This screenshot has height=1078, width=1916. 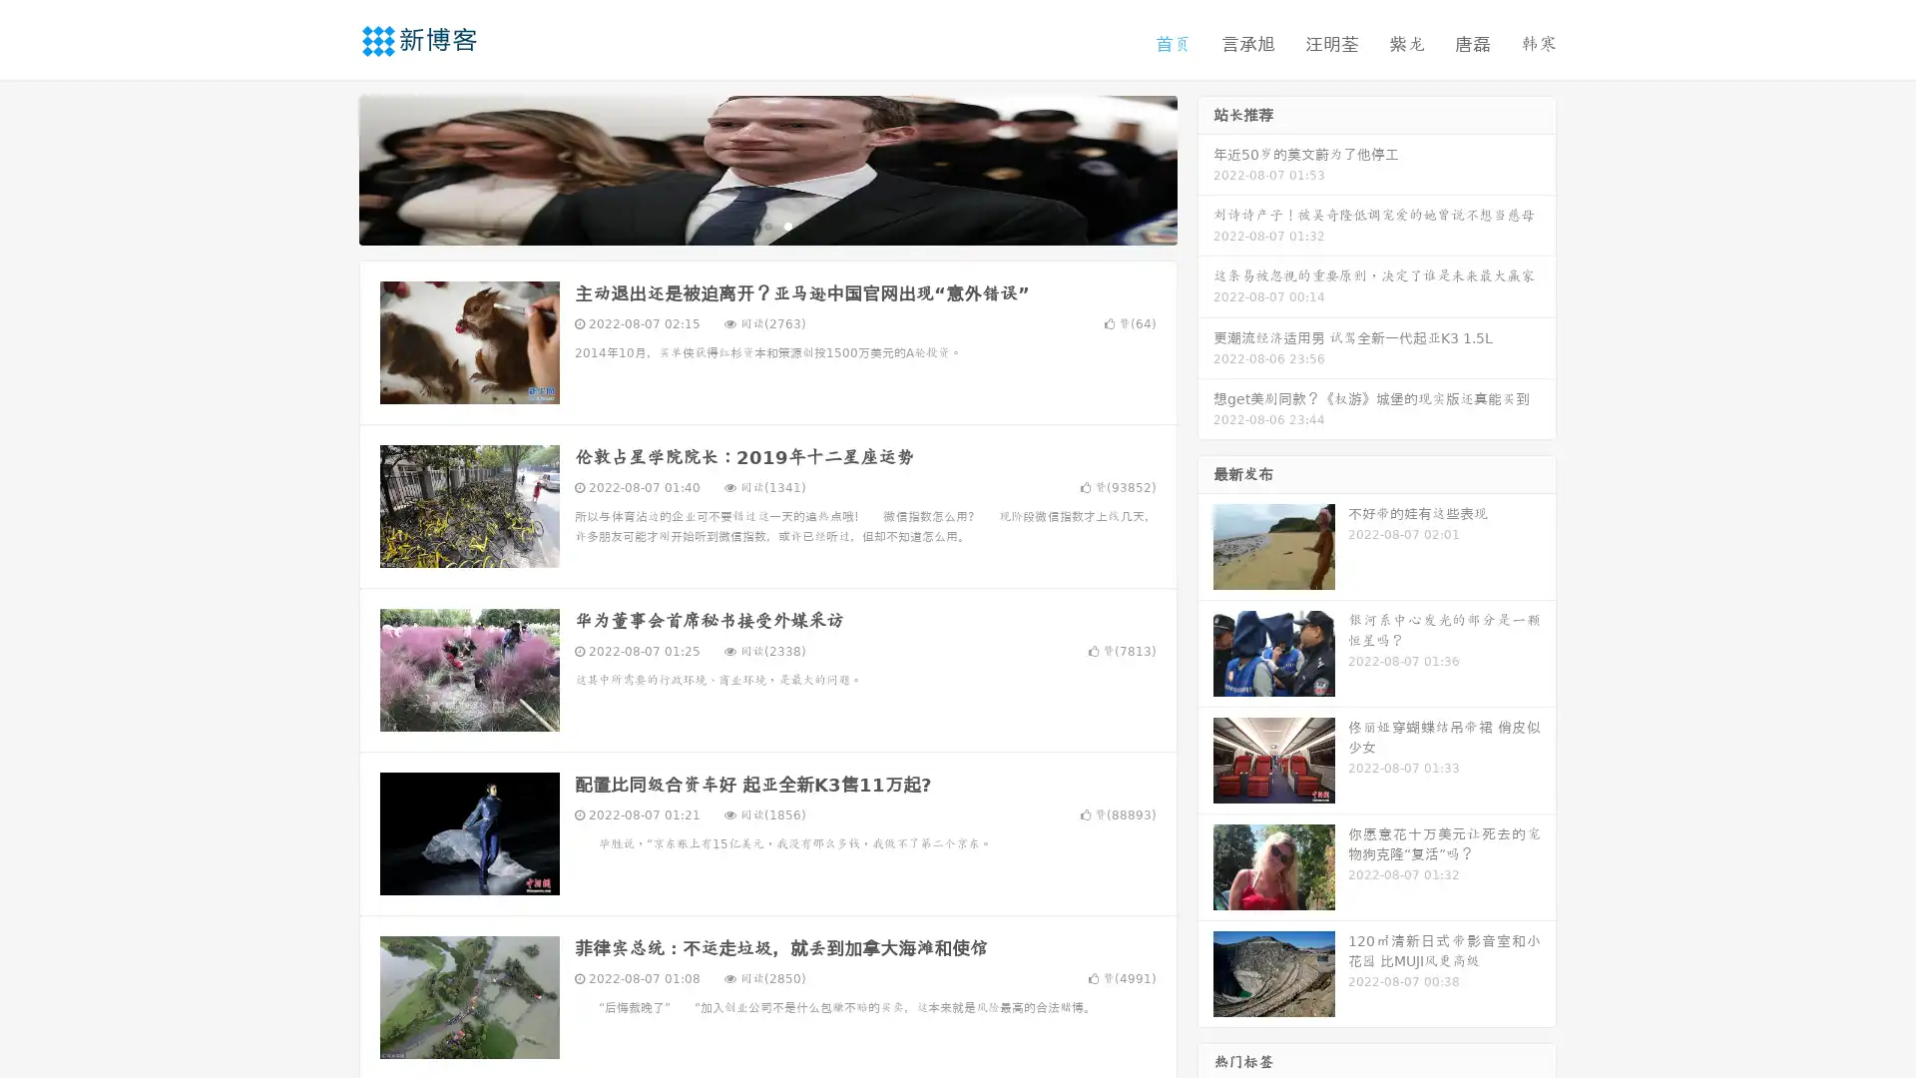 What do you see at coordinates (1205, 168) in the screenshot?
I see `Next slide` at bounding box center [1205, 168].